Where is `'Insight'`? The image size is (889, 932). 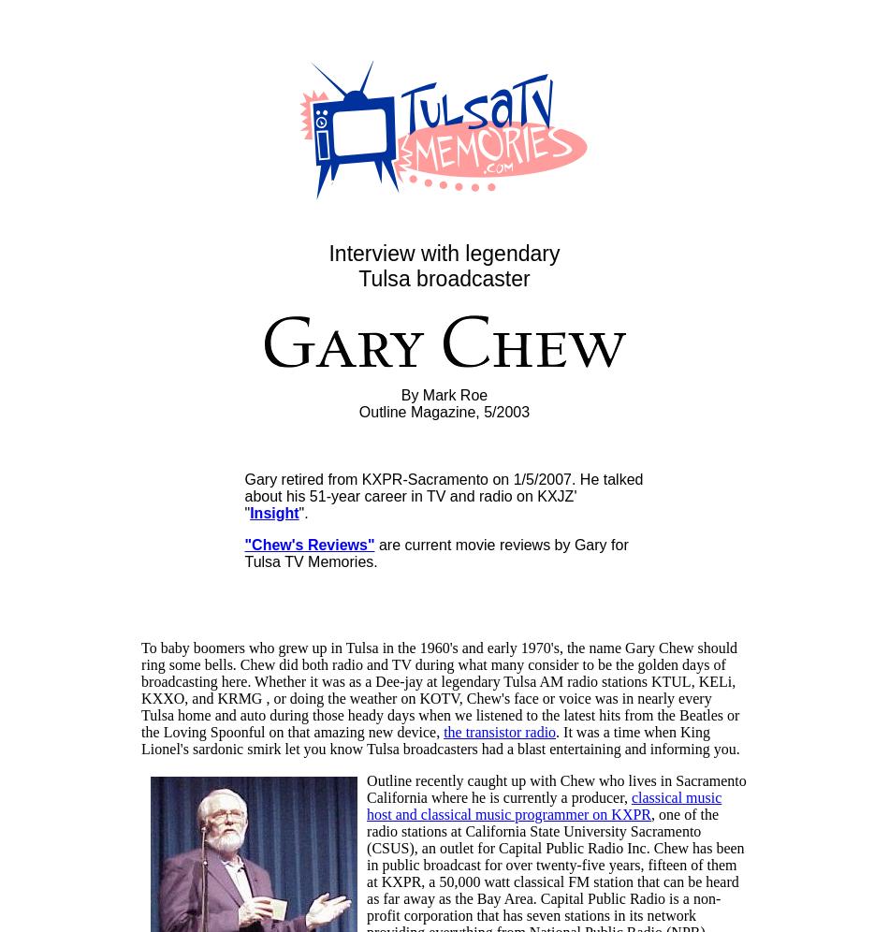
'Insight' is located at coordinates (249, 512).